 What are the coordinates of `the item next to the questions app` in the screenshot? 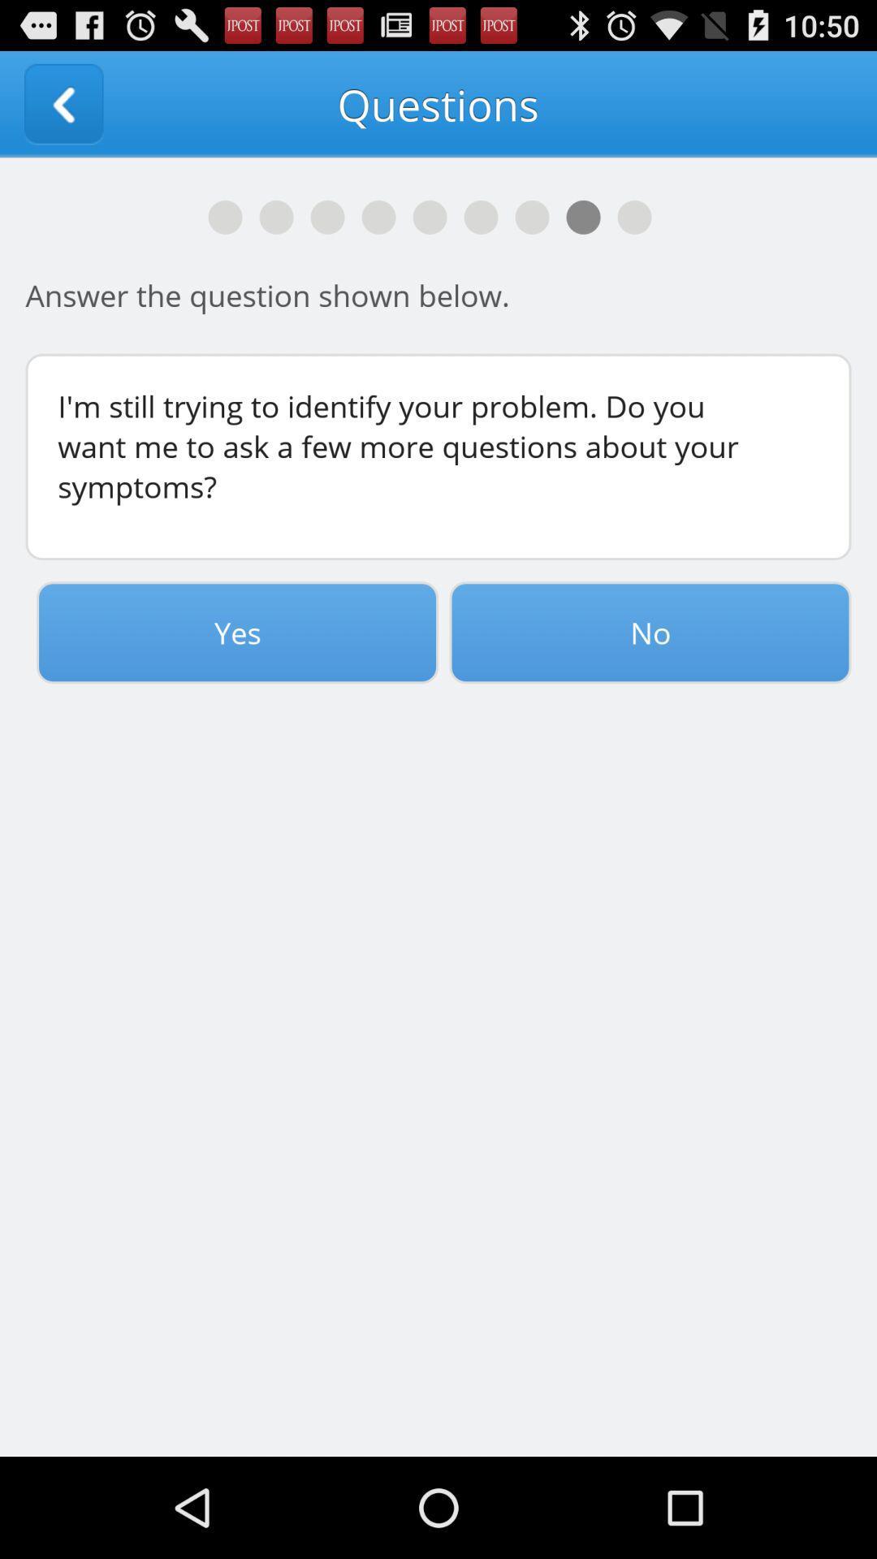 It's located at (63, 103).